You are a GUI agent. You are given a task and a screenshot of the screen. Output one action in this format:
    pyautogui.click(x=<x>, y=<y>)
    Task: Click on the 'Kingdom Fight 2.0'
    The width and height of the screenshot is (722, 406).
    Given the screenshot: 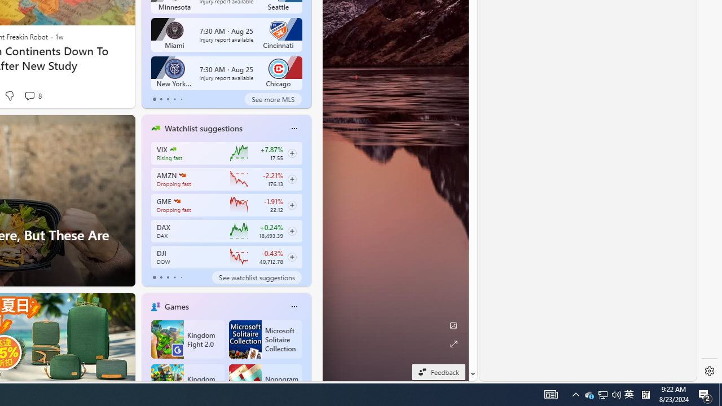 What is the action you would take?
    pyautogui.click(x=187, y=338)
    